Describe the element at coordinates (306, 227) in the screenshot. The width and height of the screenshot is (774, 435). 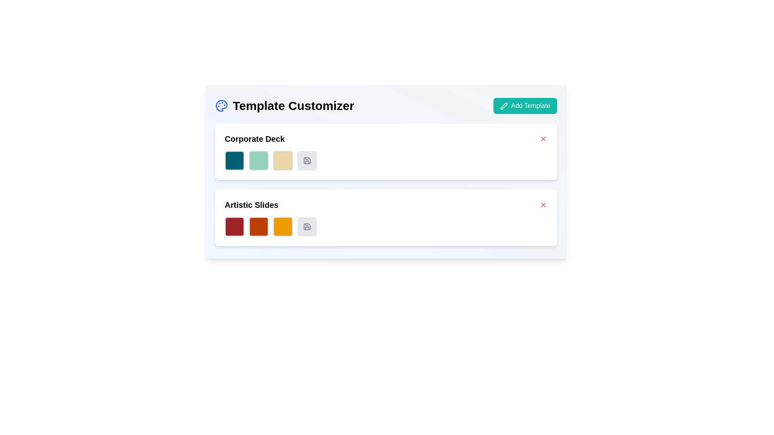
I see `the save-like icon in the bottom right corner of the 'Artistic Slides' section` at that location.